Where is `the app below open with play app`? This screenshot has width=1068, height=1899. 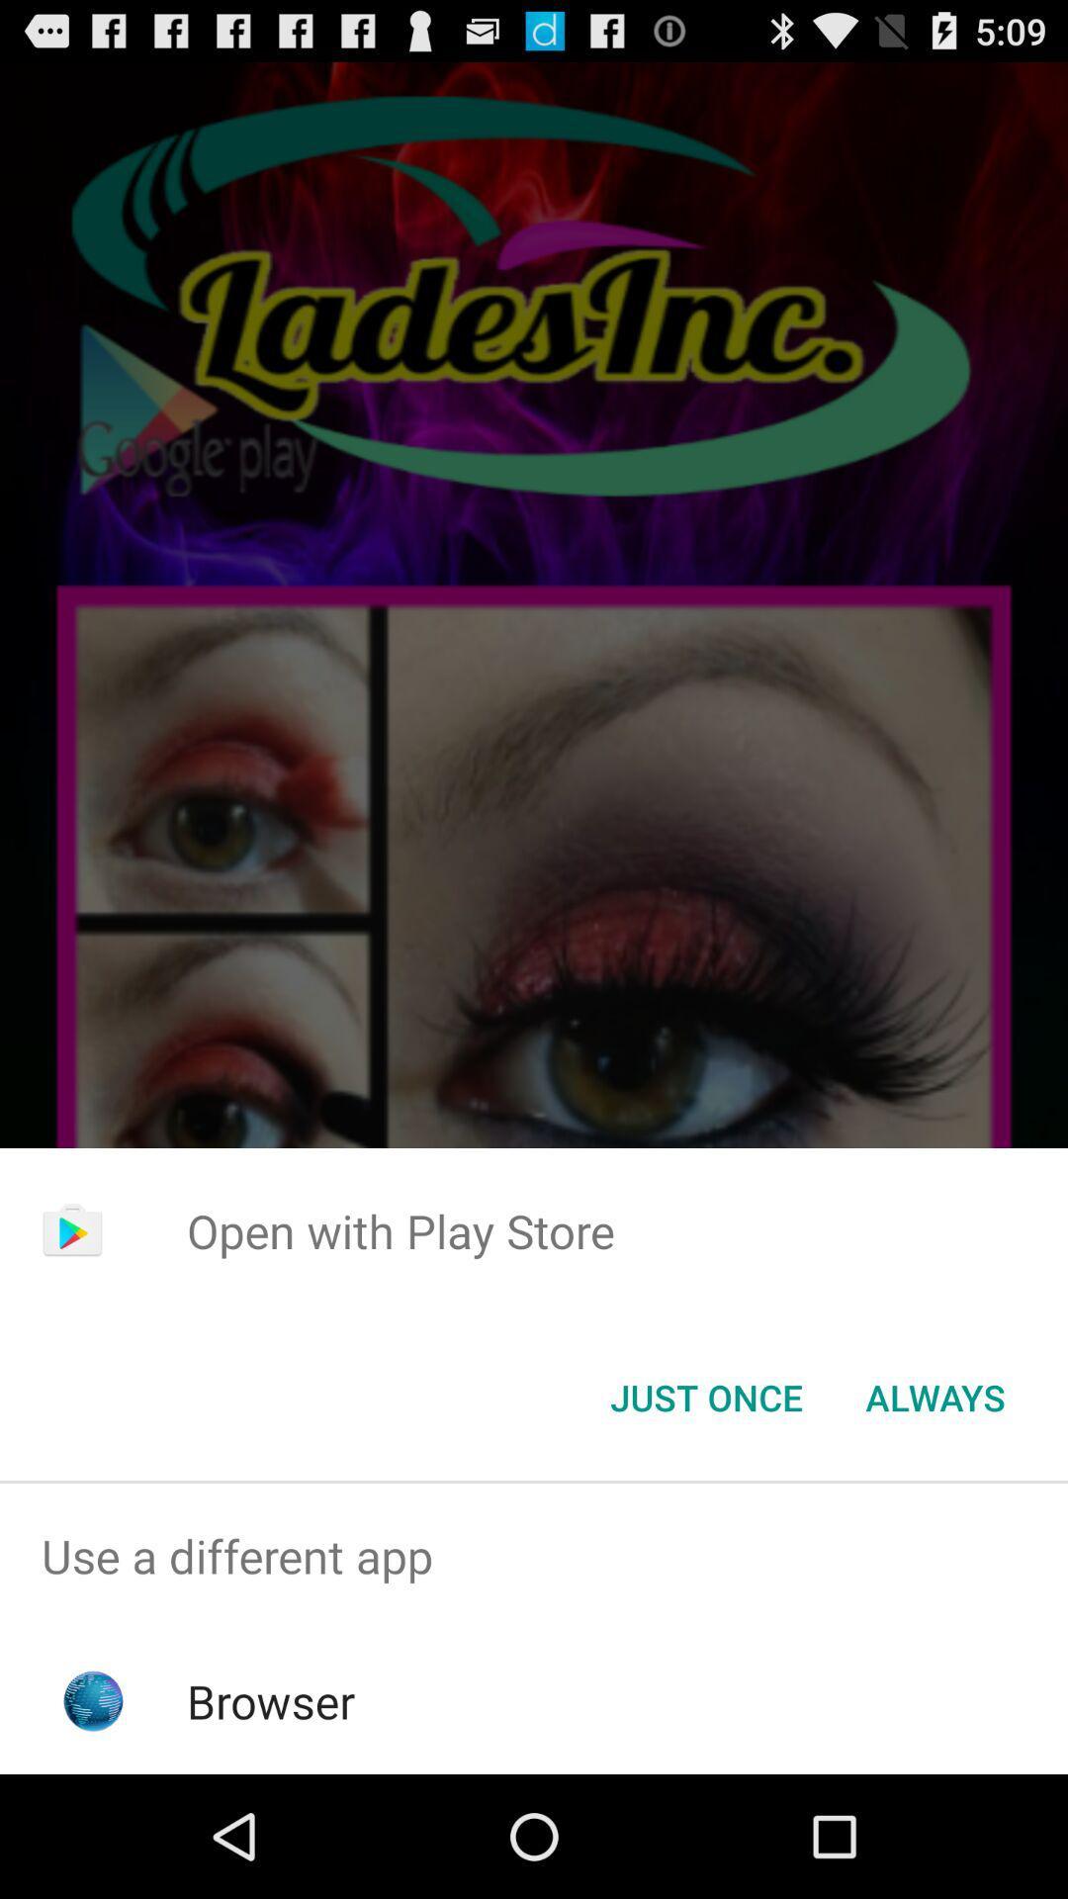 the app below open with play app is located at coordinates (705, 1396).